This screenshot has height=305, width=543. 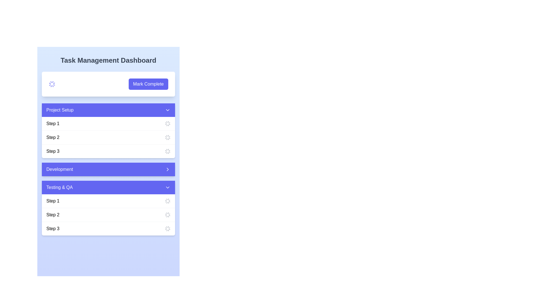 I want to click on the 'Step 2' item, so click(x=108, y=137).